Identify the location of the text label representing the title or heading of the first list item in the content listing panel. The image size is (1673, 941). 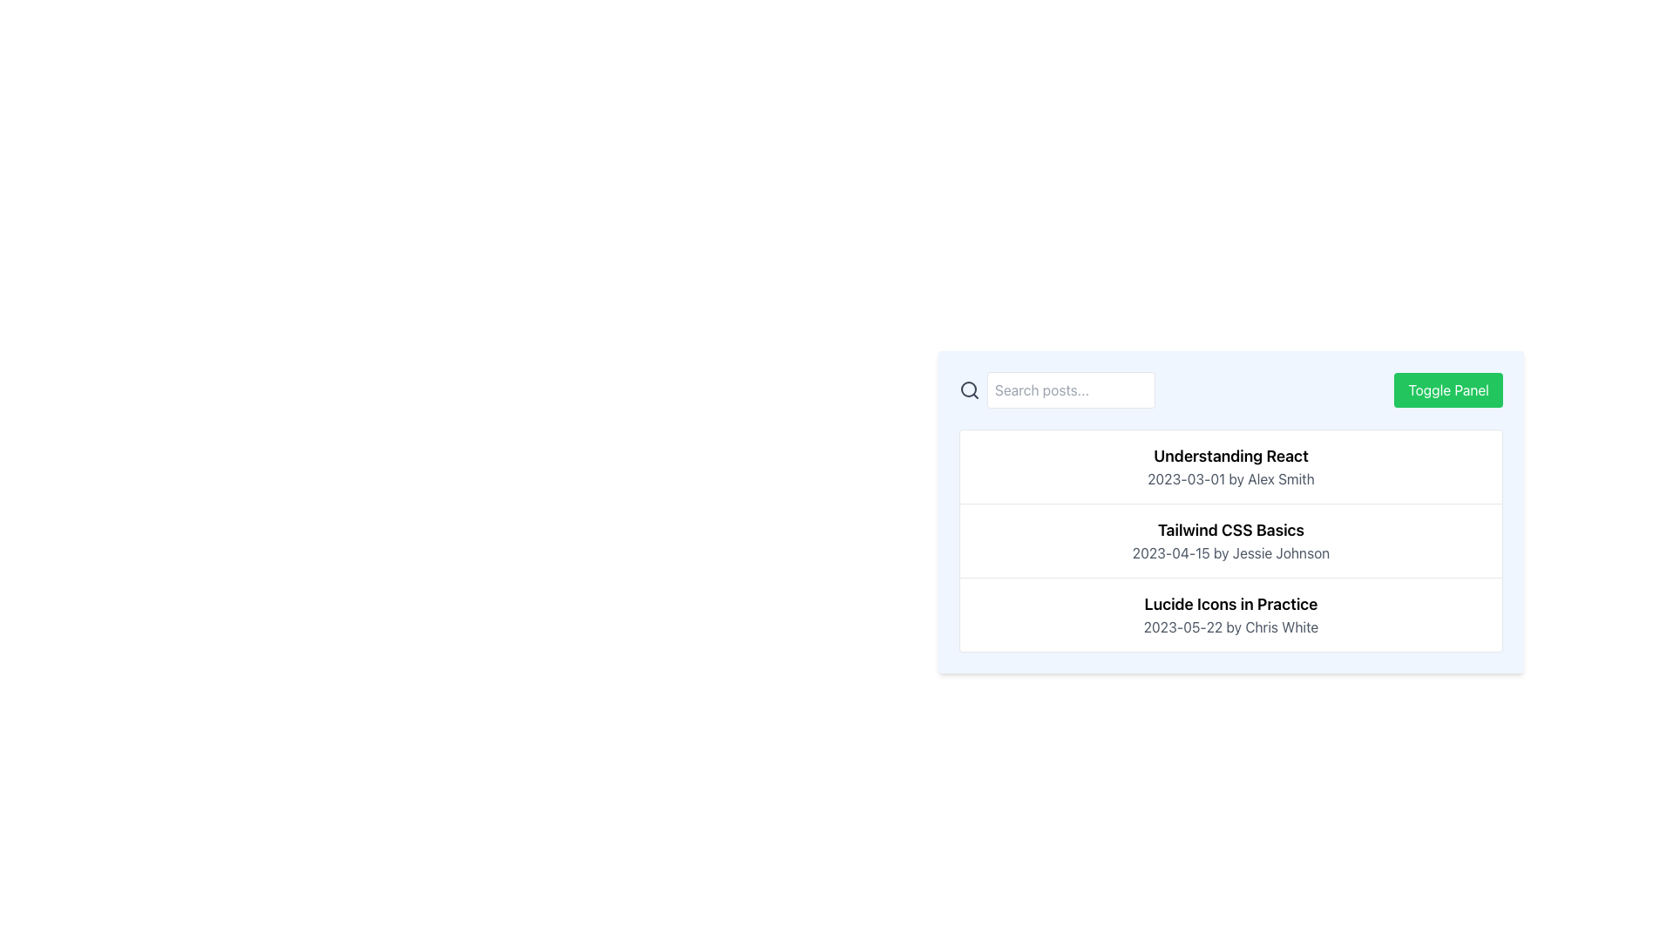
(1229, 456).